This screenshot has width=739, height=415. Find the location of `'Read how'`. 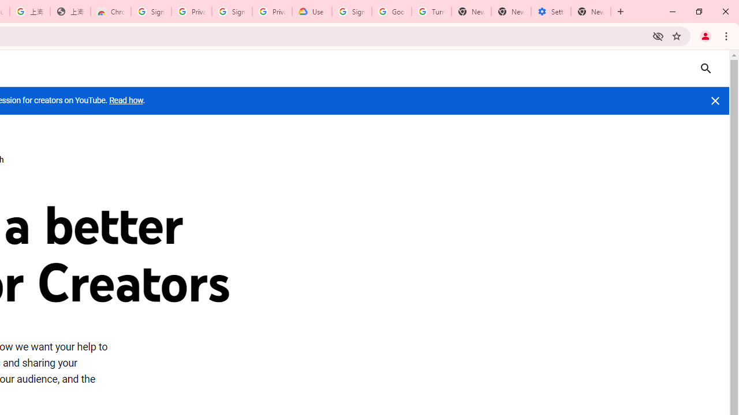

'Read how' is located at coordinates (126, 100).